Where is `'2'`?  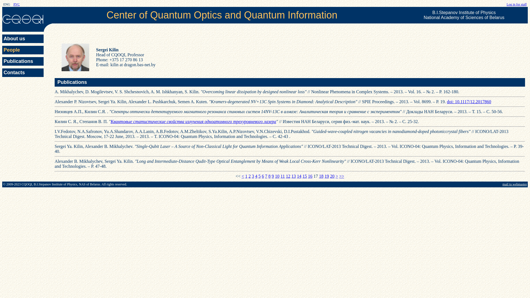 '2' is located at coordinates (249, 176).